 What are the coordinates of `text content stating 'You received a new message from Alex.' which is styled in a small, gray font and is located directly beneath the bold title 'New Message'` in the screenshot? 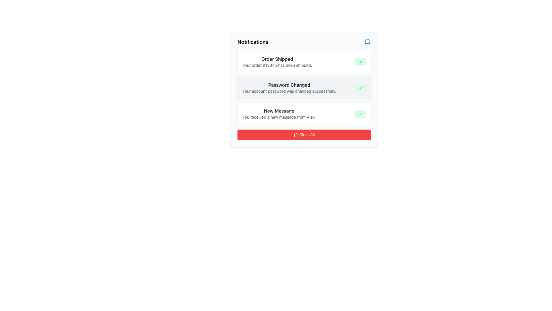 It's located at (279, 117).